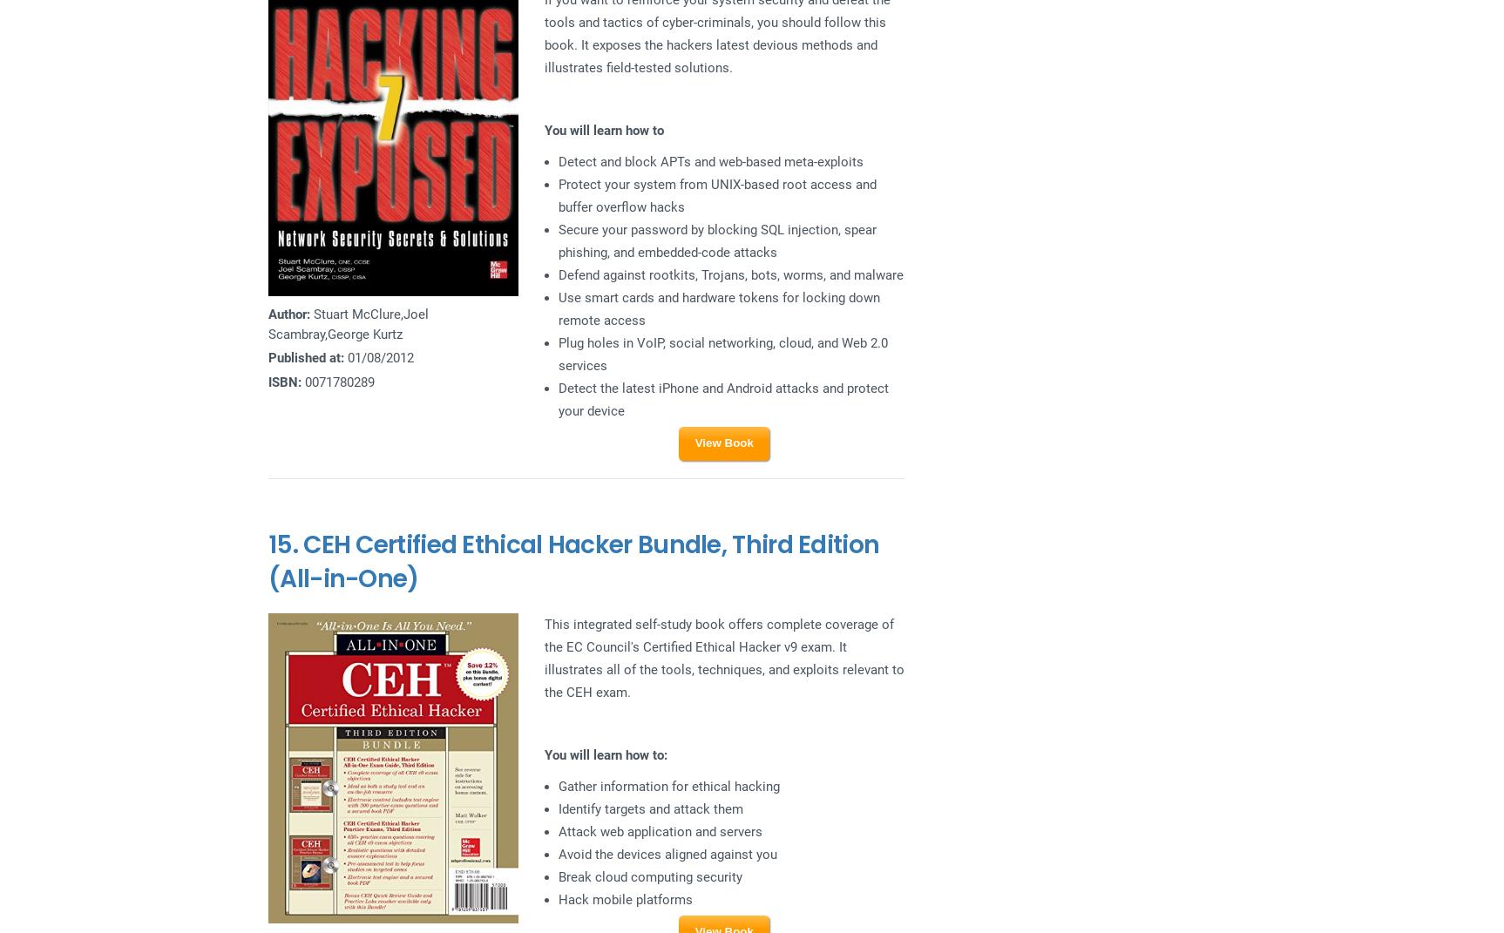  Describe the element at coordinates (722, 398) in the screenshot. I see `'Detect the latest iPhone and Android attacks and protect your device'` at that location.